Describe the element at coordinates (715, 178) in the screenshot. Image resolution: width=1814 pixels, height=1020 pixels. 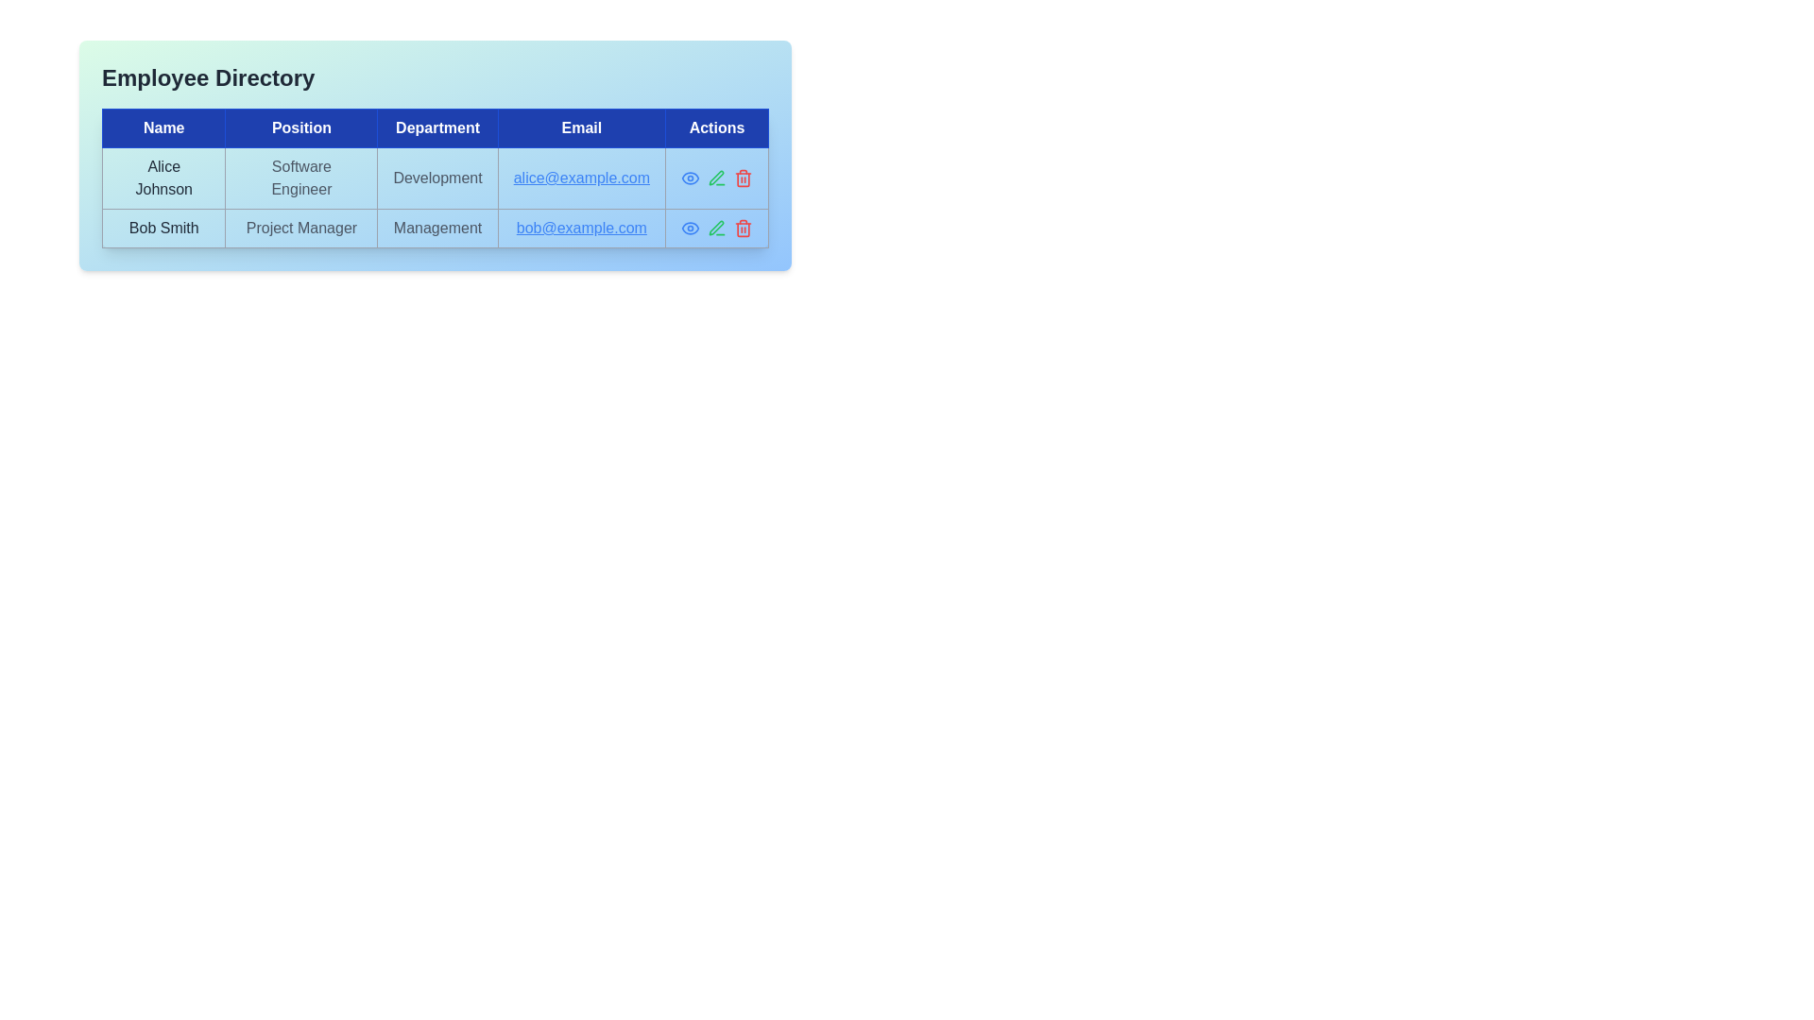
I see `the second icon button in the 'Actions' column of the first row in the table to trigger a hover effect` at that location.